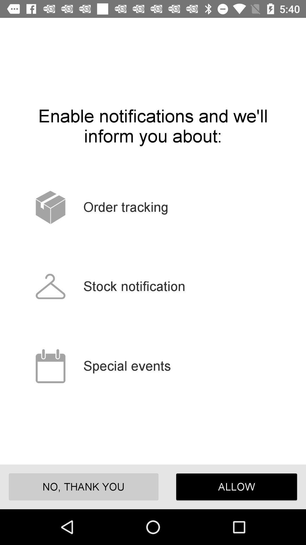 This screenshot has width=306, height=545. What do you see at coordinates (237, 487) in the screenshot?
I see `allow item` at bounding box center [237, 487].